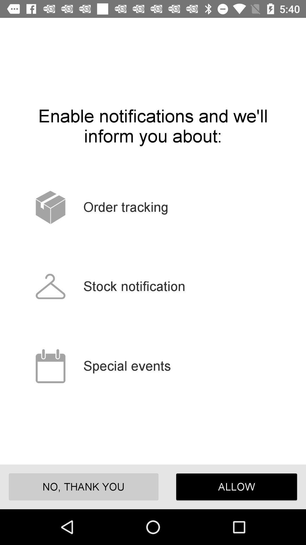 This screenshot has width=306, height=545. What do you see at coordinates (237, 487) in the screenshot?
I see `allow item` at bounding box center [237, 487].